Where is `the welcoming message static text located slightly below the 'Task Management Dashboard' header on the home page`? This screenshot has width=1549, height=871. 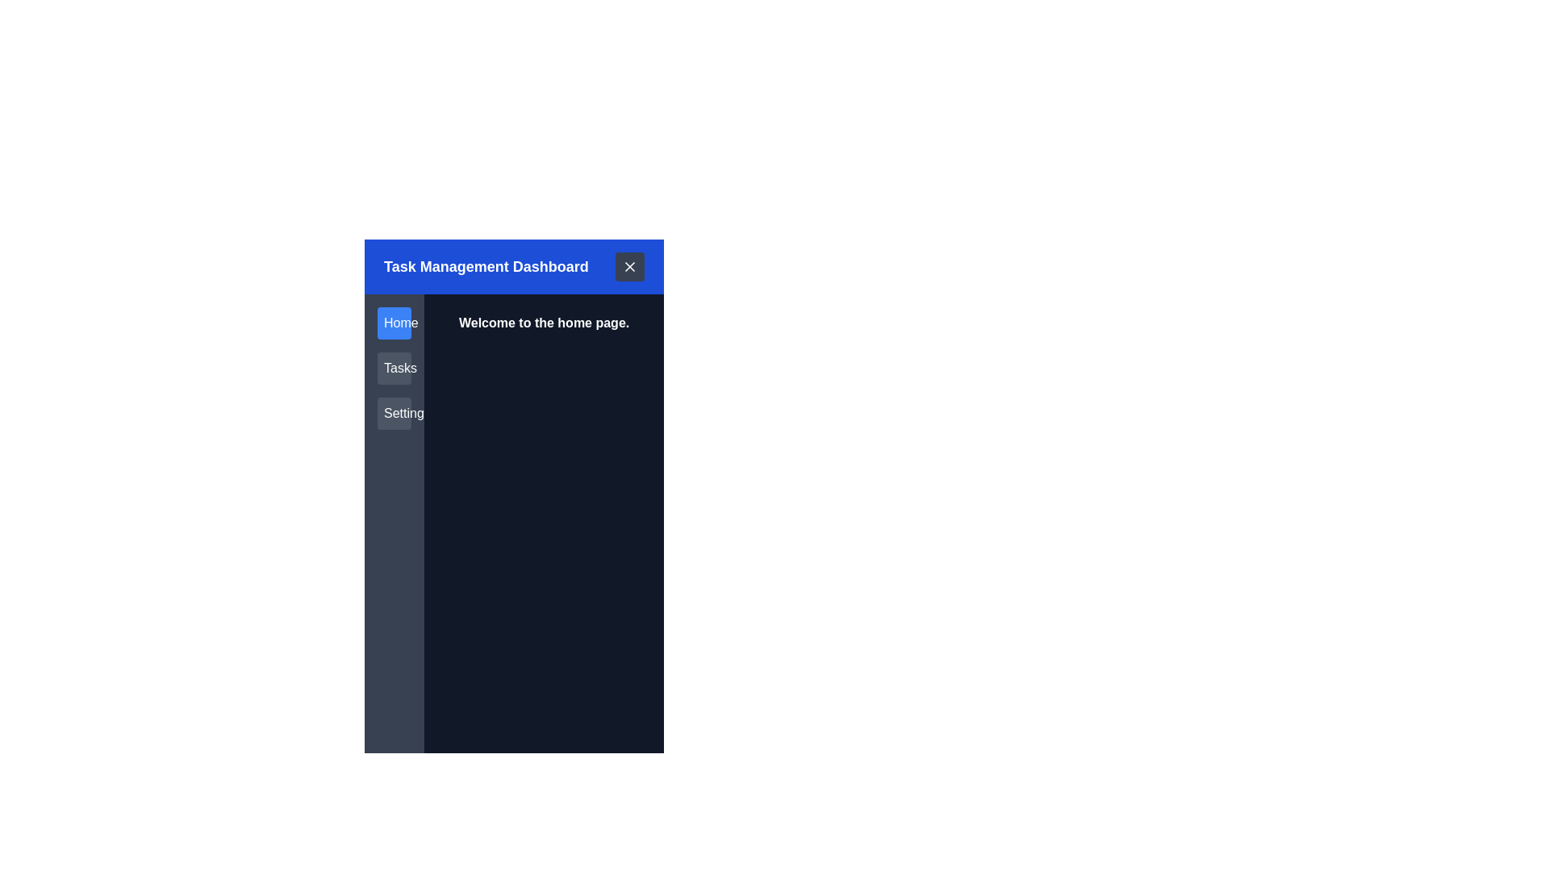
the welcoming message static text located slightly below the 'Task Management Dashboard' header on the home page is located at coordinates (544, 323).